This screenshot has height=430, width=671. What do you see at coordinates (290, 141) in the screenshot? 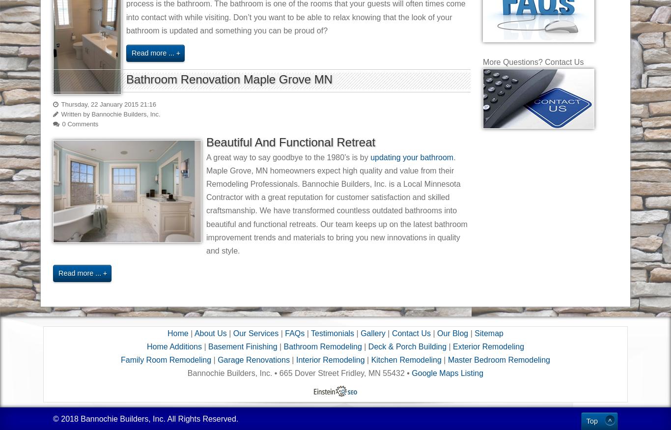
I see `'Beautiful And Functional Retreat'` at bounding box center [290, 141].